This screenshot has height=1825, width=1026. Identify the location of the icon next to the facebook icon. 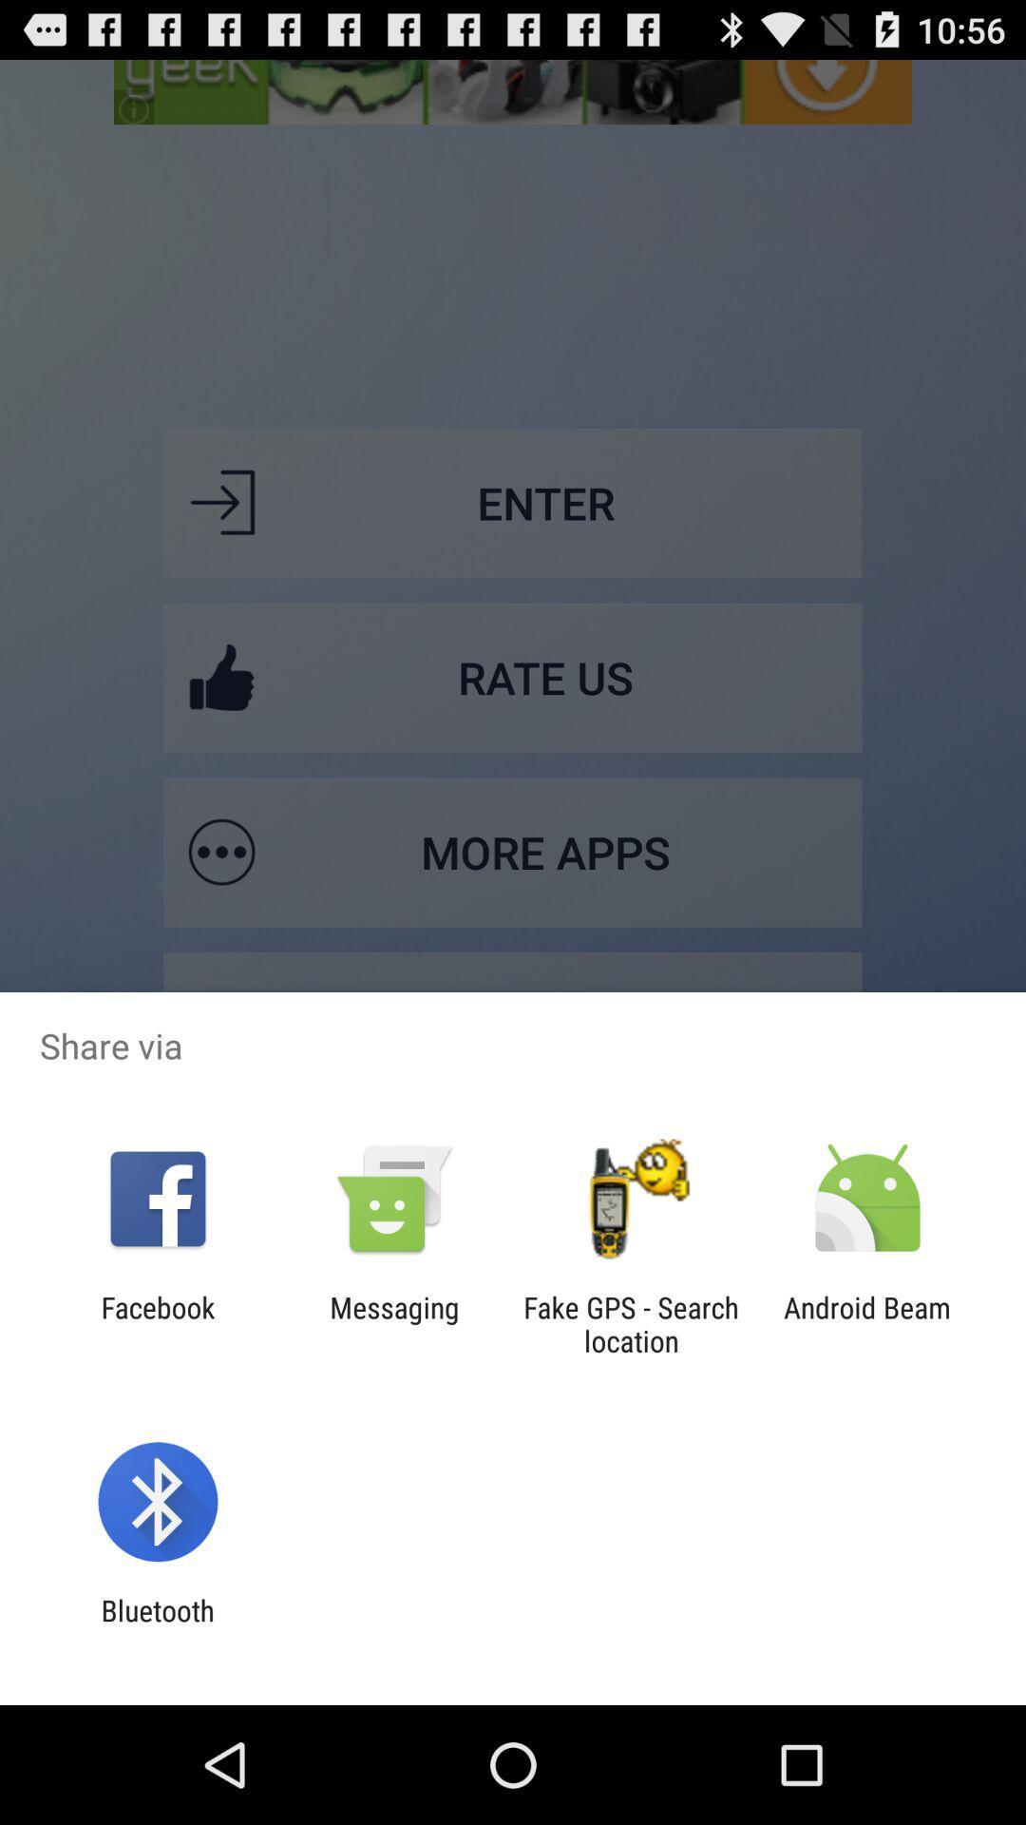
(393, 1323).